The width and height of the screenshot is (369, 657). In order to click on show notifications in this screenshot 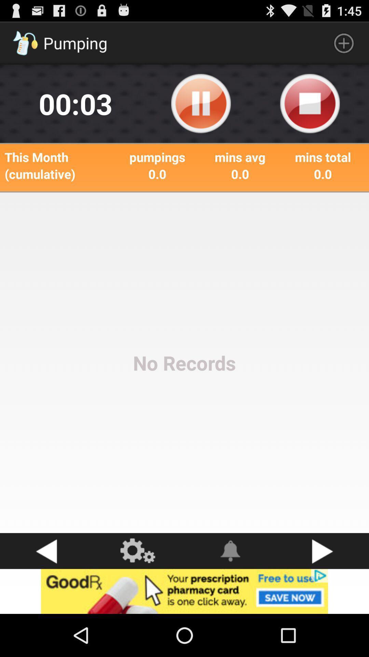, I will do `click(231, 551)`.